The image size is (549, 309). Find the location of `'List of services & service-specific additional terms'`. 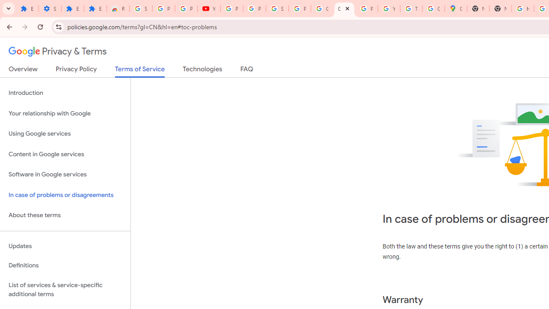

'List of services & service-specific additional terms' is located at coordinates (65, 290).